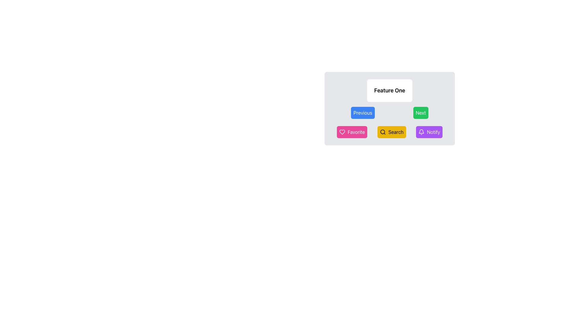 This screenshot has height=325, width=578. What do you see at coordinates (421, 131) in the screenshot?
I see `the lower arc of the bell shape in the Notify button, which symbolizes a notification feature, located within the Notify button area` at bounding box center [421, 131].